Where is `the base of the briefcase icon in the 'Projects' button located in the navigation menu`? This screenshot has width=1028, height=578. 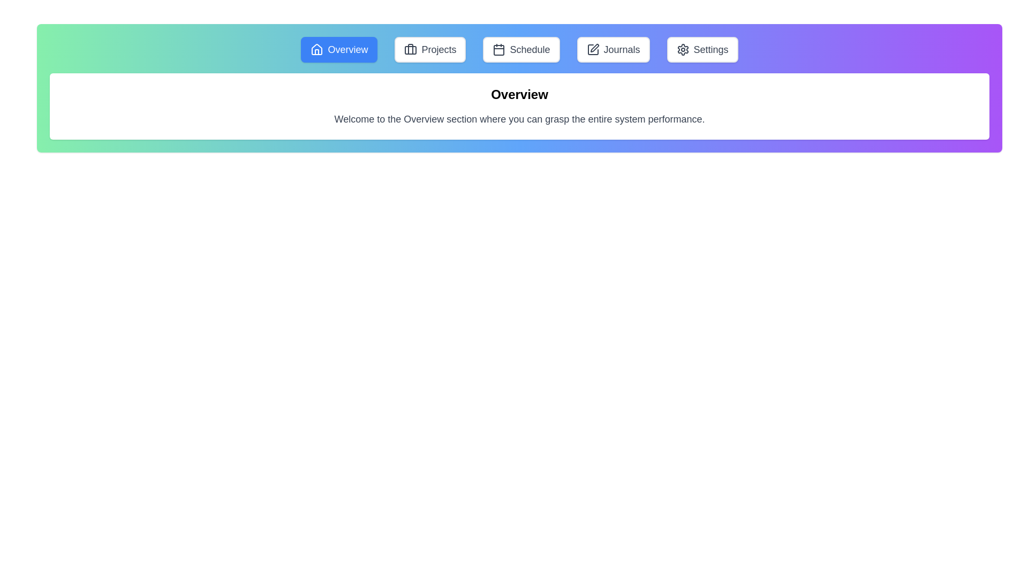 the base of the briefcase icon in the 'Projects' button located in the navigation menu is located at coordinates (410, 50).